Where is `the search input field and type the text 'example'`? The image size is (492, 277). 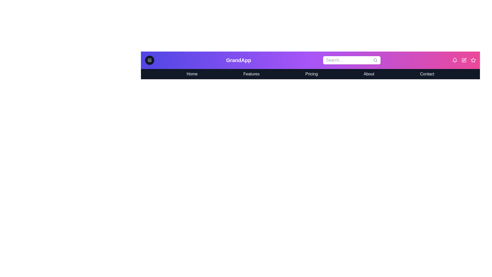
the search input field and type the text 'example' is located at coordinates (351, 60).